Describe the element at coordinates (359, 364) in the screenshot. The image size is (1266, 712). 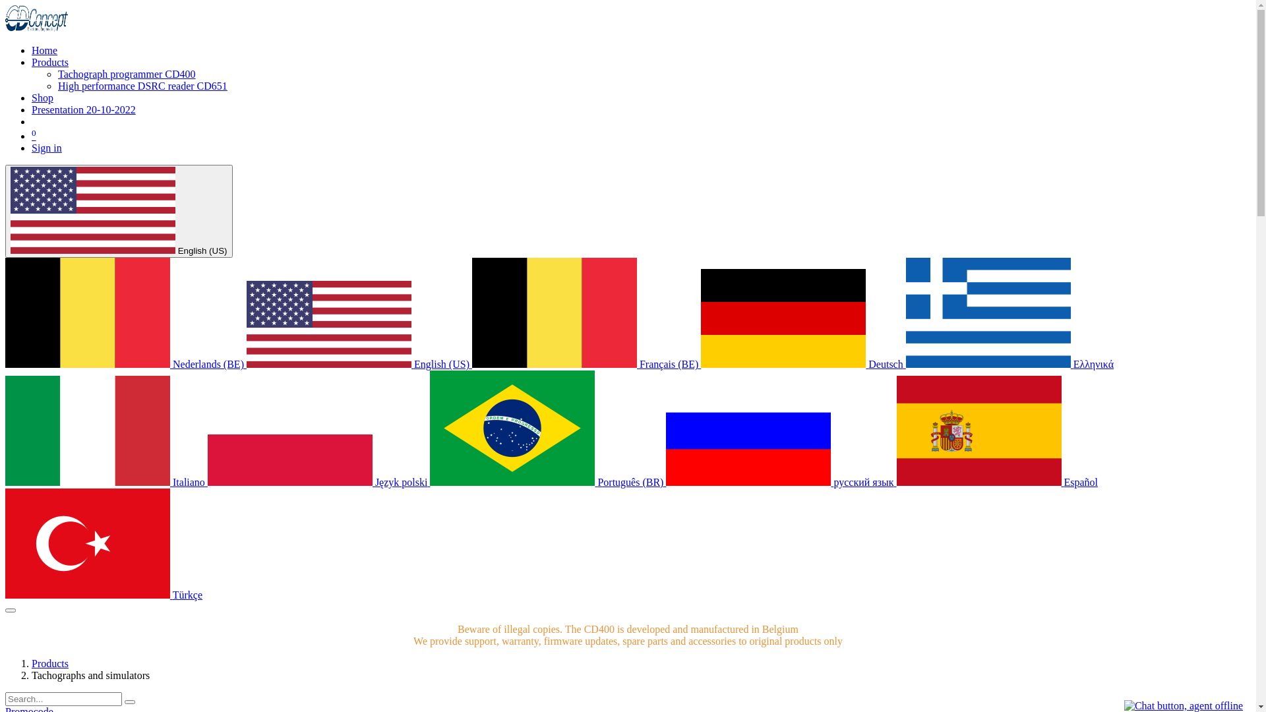
I see `'English (US)'` at that location.